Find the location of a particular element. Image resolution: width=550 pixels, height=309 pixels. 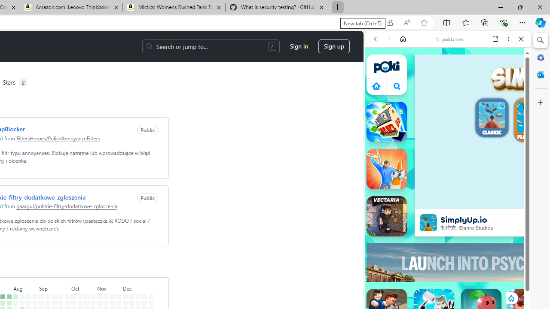

'December' is located at coordinates (138, 288).